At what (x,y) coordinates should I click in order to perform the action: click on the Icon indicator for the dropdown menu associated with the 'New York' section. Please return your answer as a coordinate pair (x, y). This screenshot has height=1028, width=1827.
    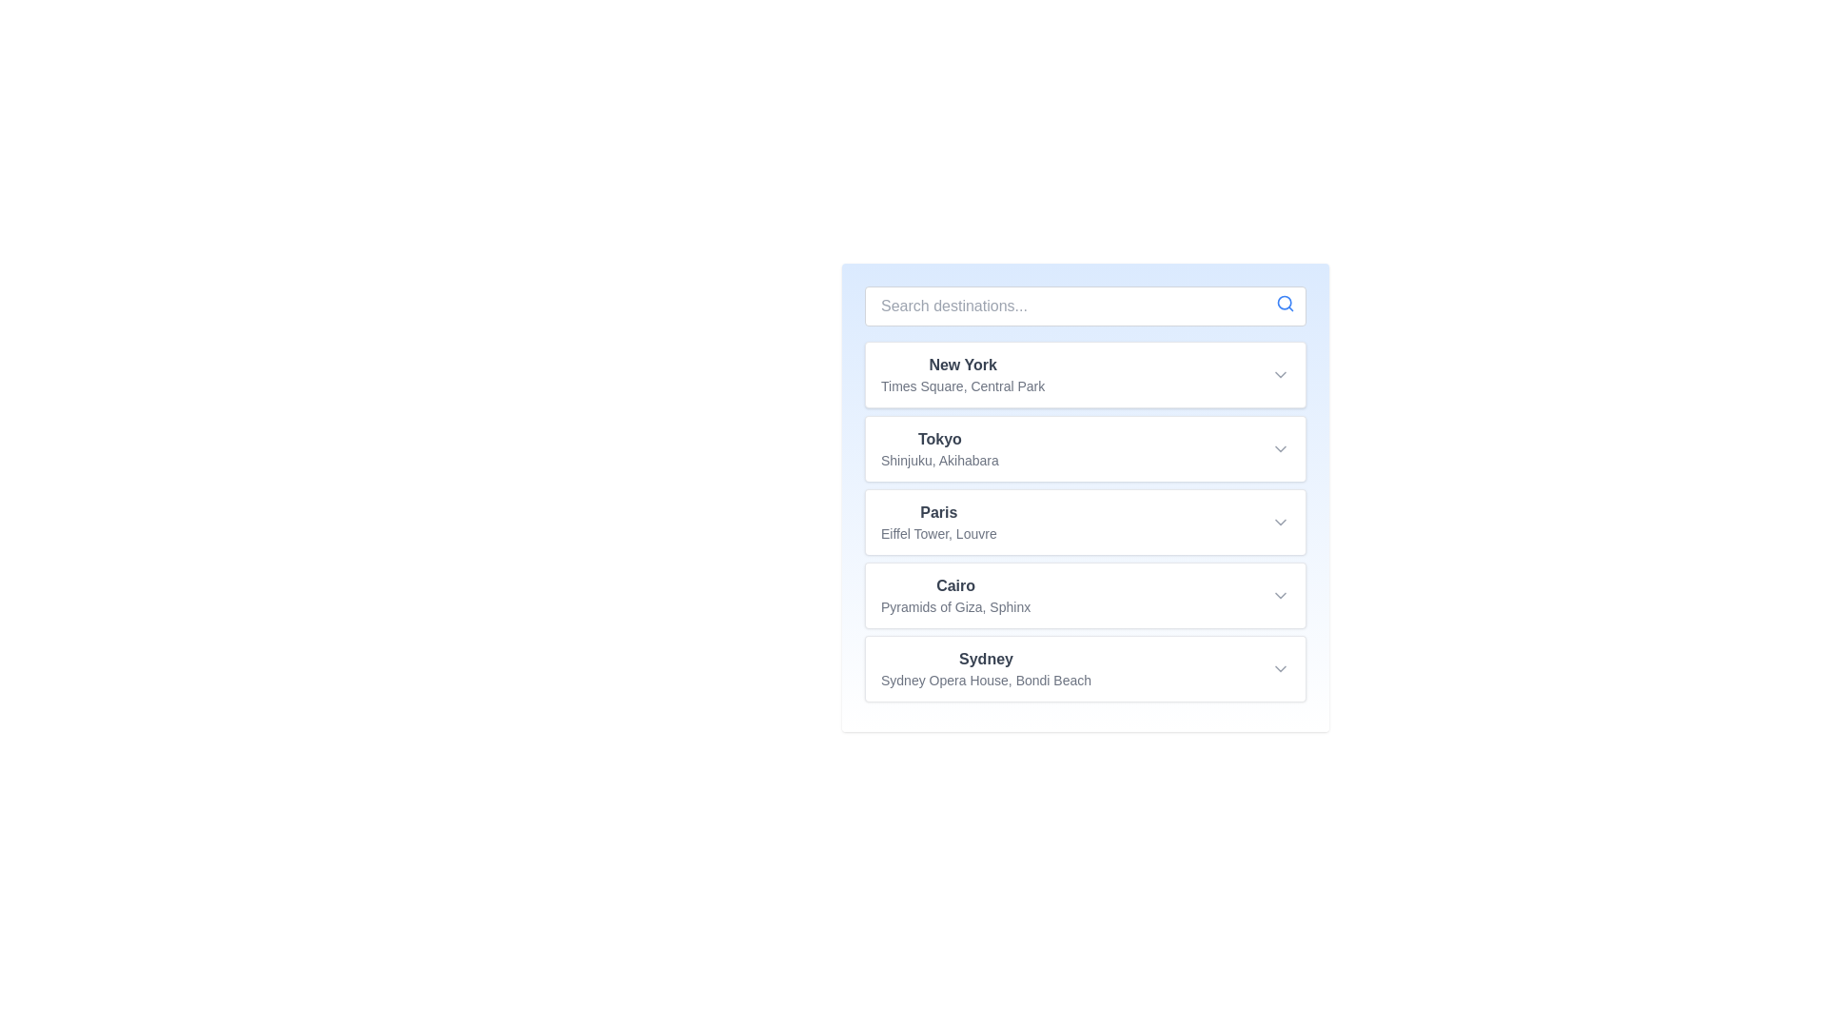
    Looking at the image, I should click on (1280, 374).